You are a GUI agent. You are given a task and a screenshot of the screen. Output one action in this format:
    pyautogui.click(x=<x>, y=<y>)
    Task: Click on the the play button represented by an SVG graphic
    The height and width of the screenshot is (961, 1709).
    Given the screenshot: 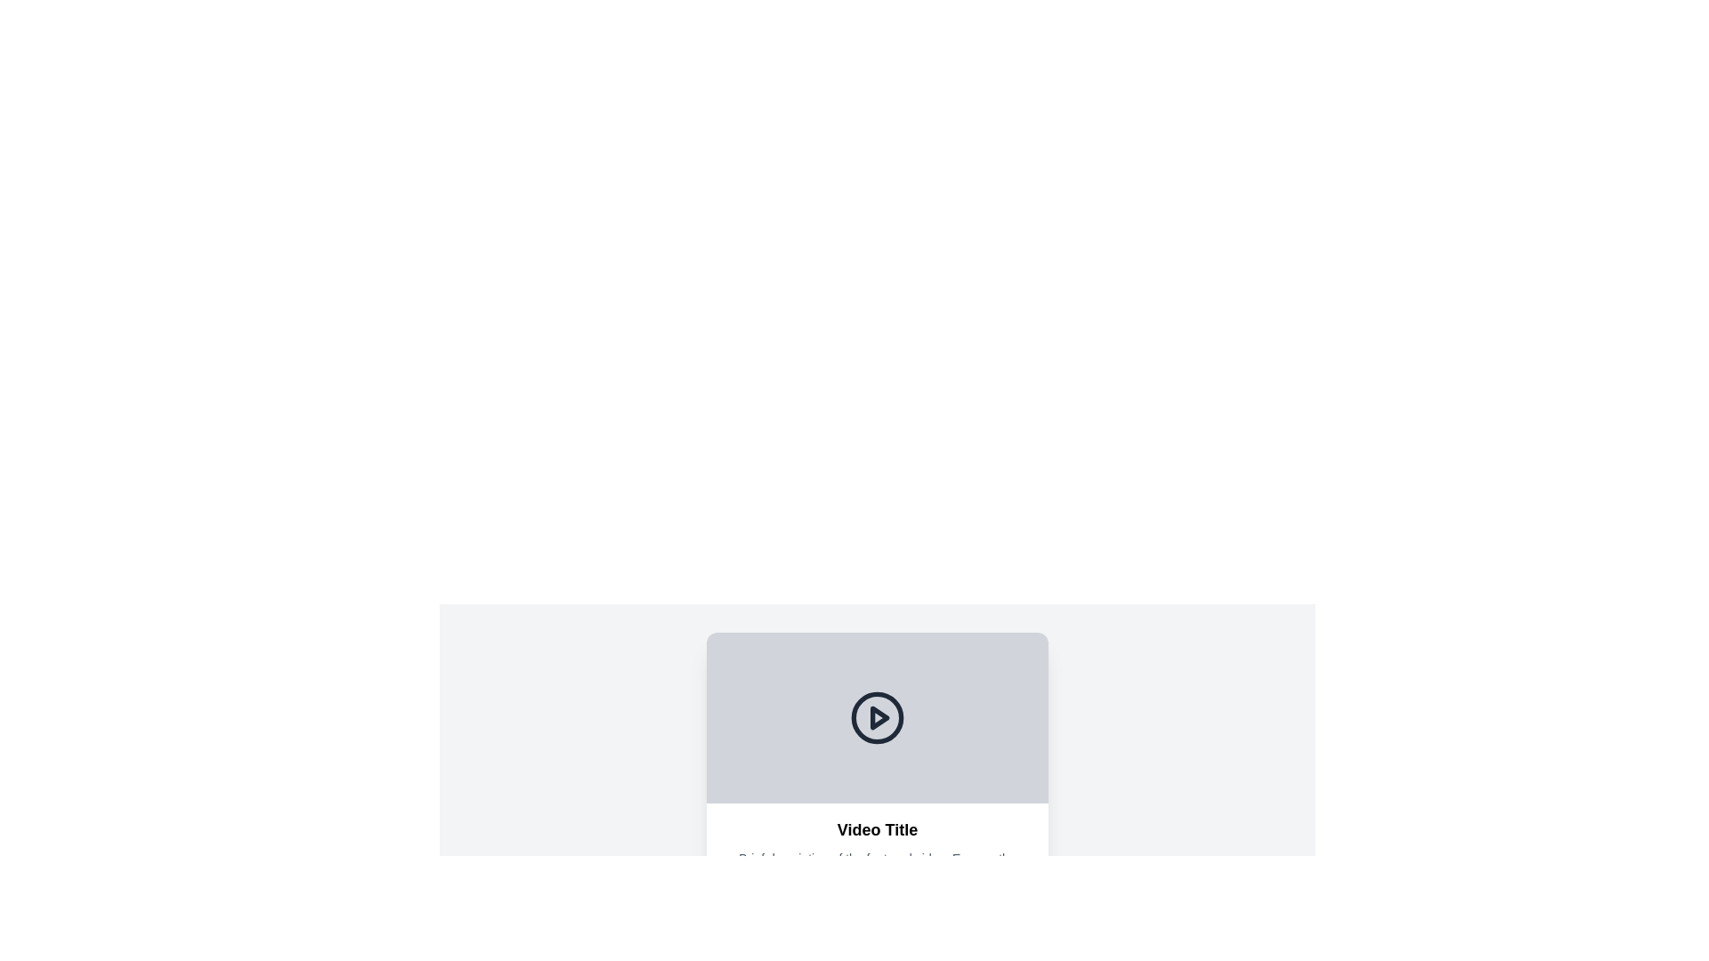 What is the action you would take?
    pyautogui.click(x=877, y=716)
    